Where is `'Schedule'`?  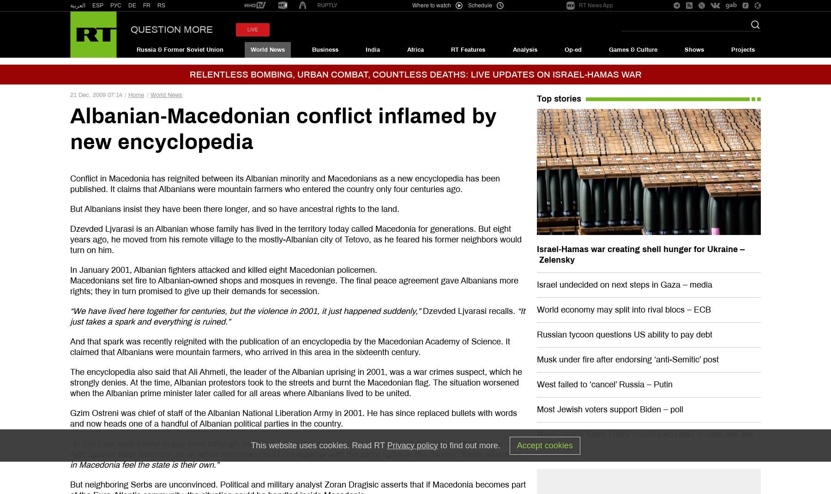
'Schedule' is located at coordinates (479, 5).